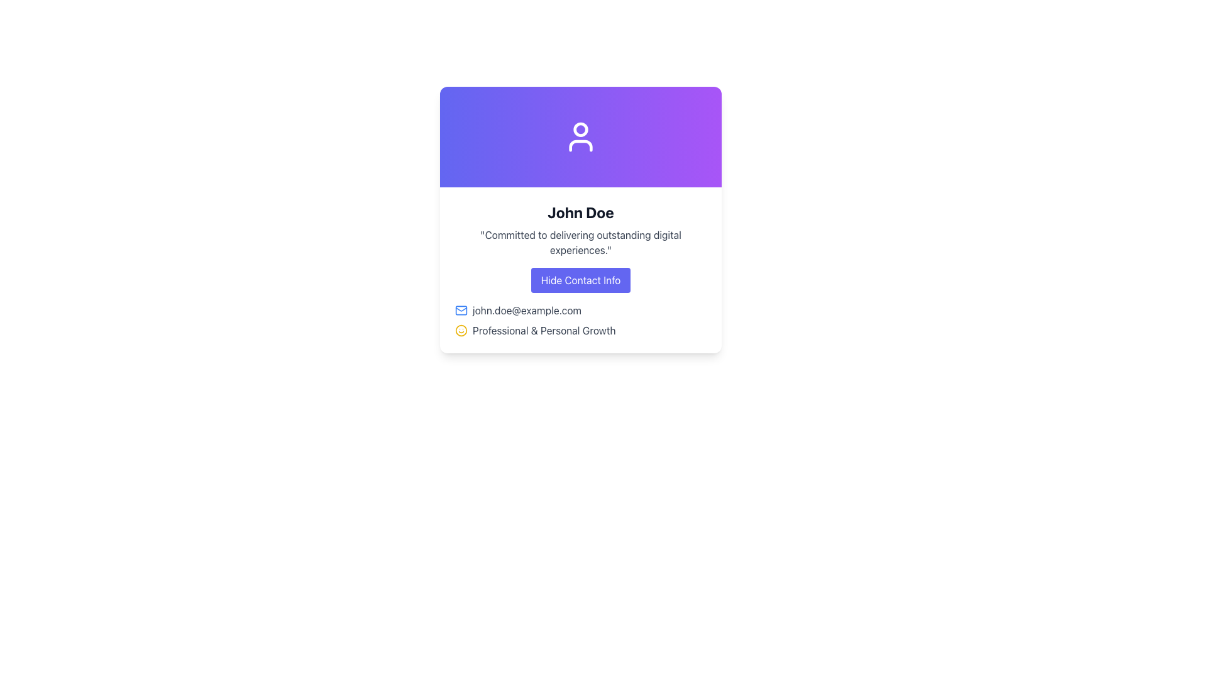  What do you see at coordinates (527, 310) in the screenshot?
I see `text label displaying the email address 'john.doe@example.com', which is styled in gray and located adjacent to an envelope icon on the user information card` at bounding box center [527, 310].